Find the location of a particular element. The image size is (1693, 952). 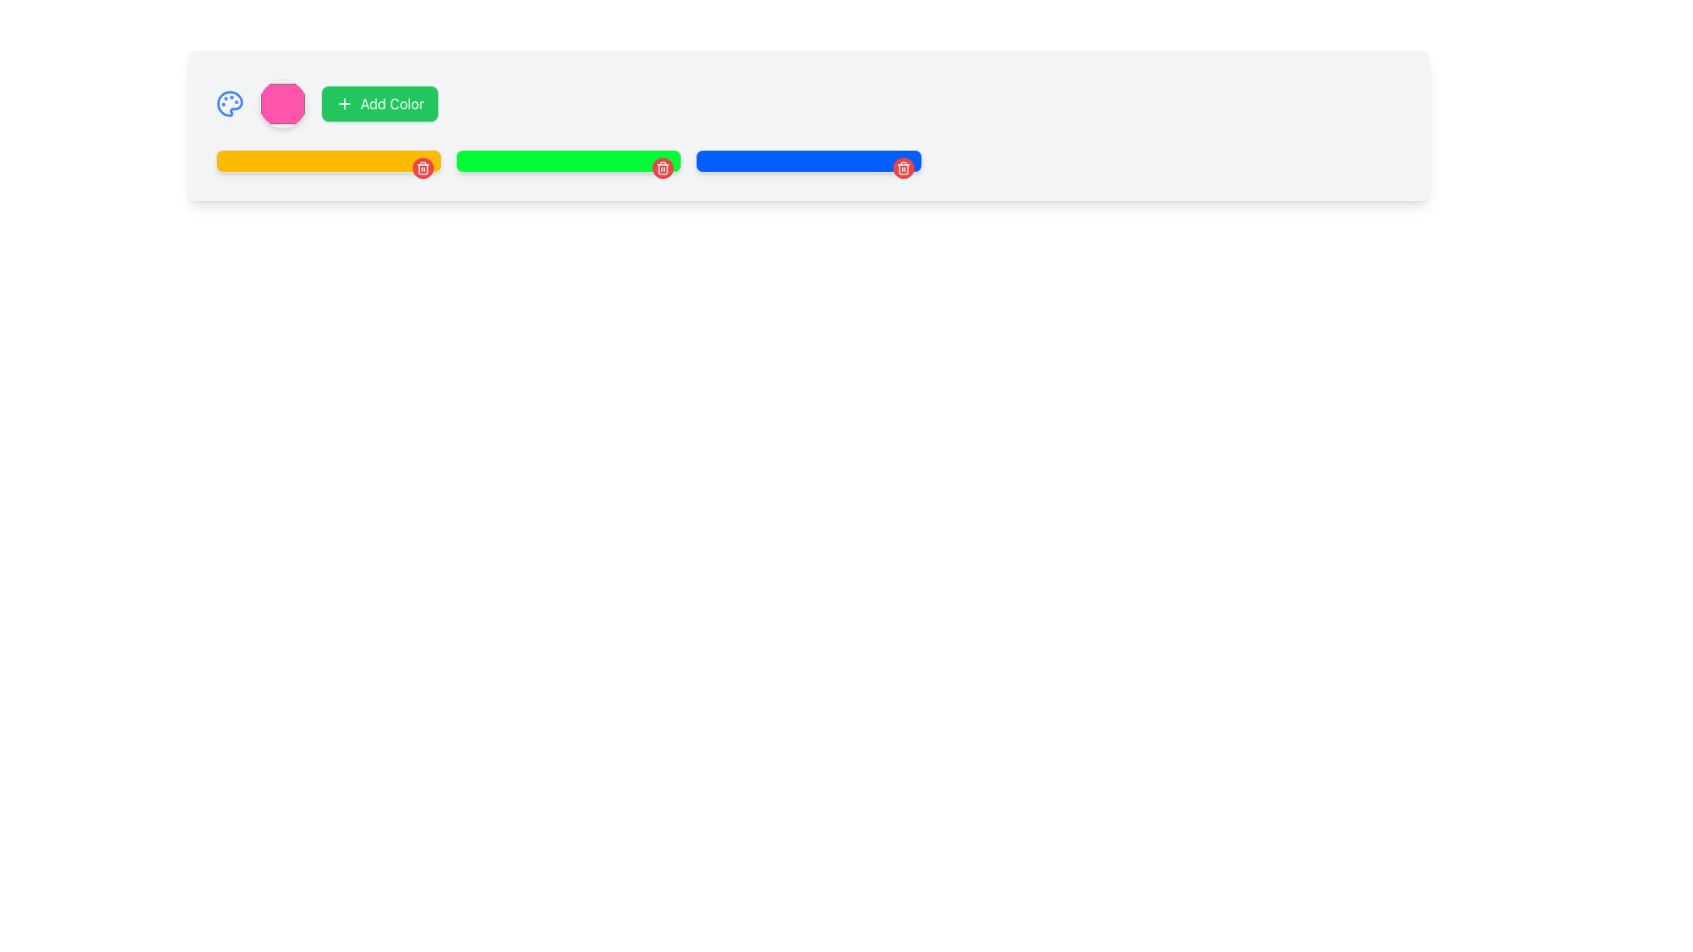

the Circular Icon Button located at the top-right corner of the blue rectangular section is located at coordinates (903, 168).